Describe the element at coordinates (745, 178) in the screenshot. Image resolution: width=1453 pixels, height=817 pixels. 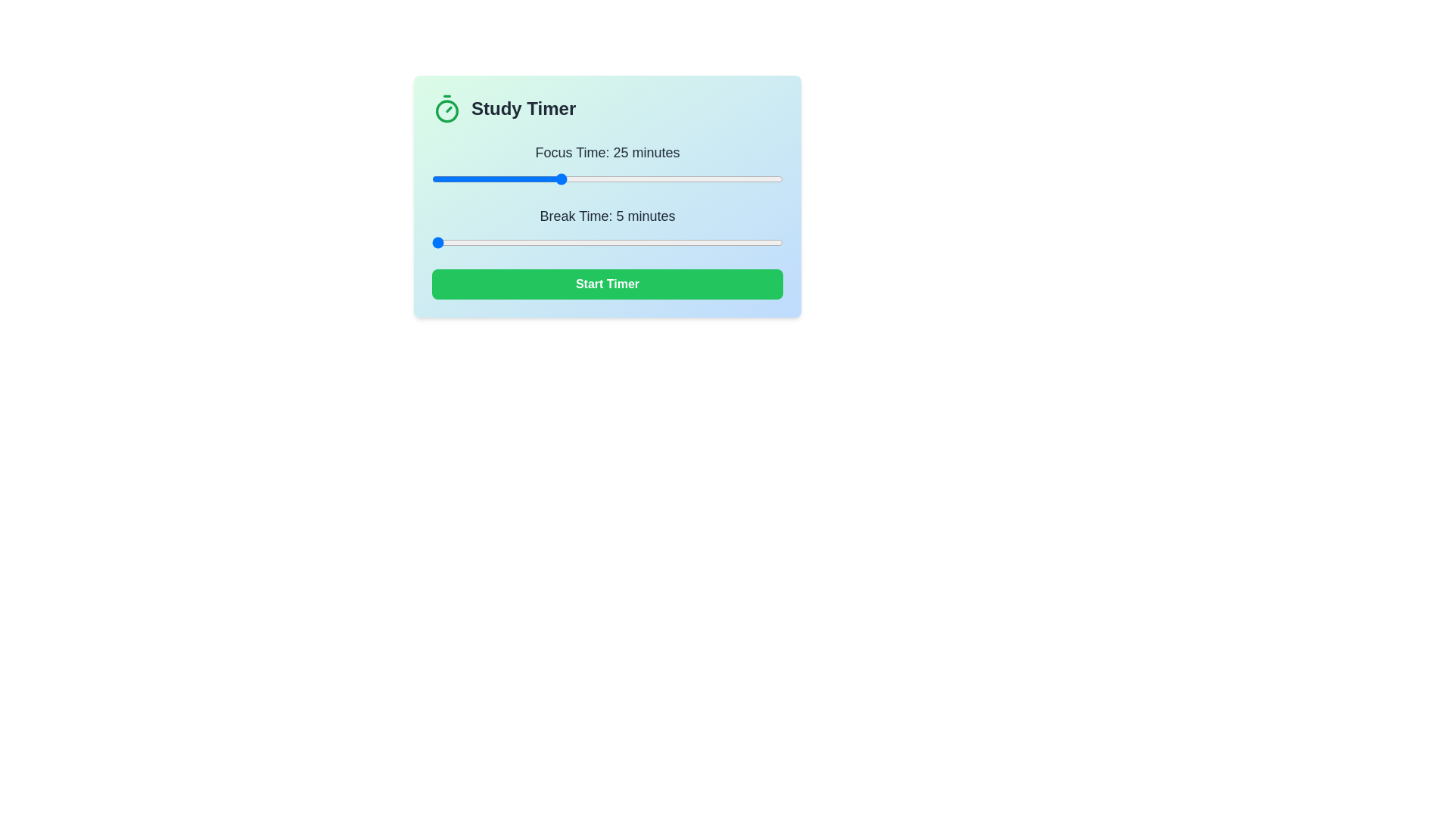
I see `the focus time slider to set the duration to 54 minutes` at that location.